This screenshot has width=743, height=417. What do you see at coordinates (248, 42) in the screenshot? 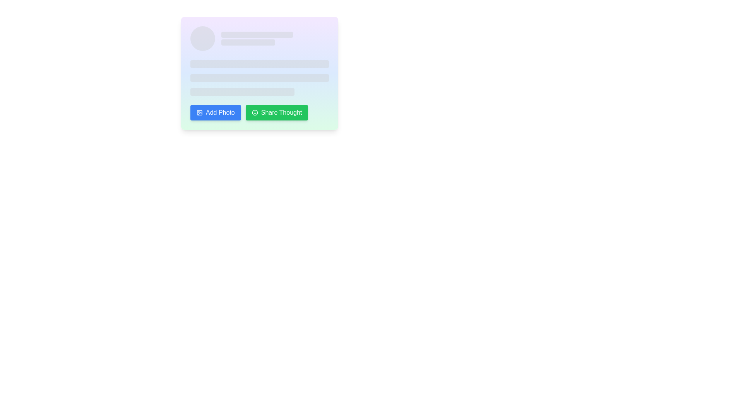
I see `the loading indicator bar, which is a light gray horizontal bar with rounded corners and a smooth animated pulse effect, located in the upper-central region of the interface below a similar bar` at bounding box center [248, 42].